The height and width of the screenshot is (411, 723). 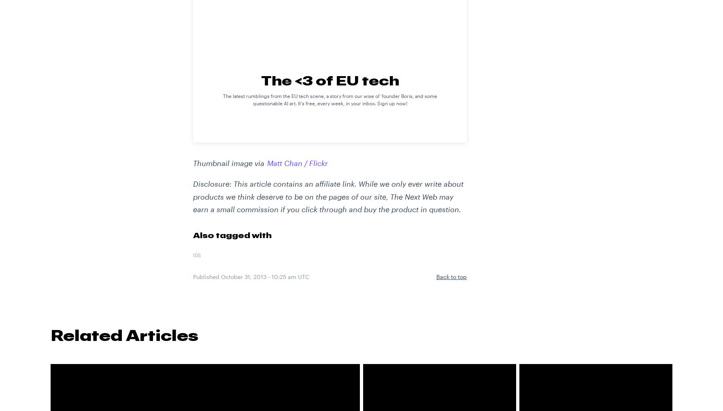 What do you see at coordinates (436, 276) in the screenshot?
I see `'Back to top'` at bounding box center [436, 276].